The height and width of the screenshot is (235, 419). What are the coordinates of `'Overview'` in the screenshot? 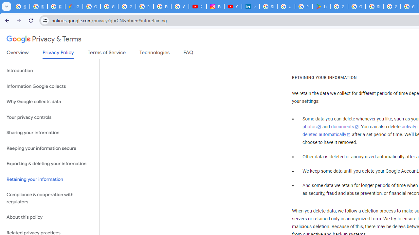 It's located at (18, 54).